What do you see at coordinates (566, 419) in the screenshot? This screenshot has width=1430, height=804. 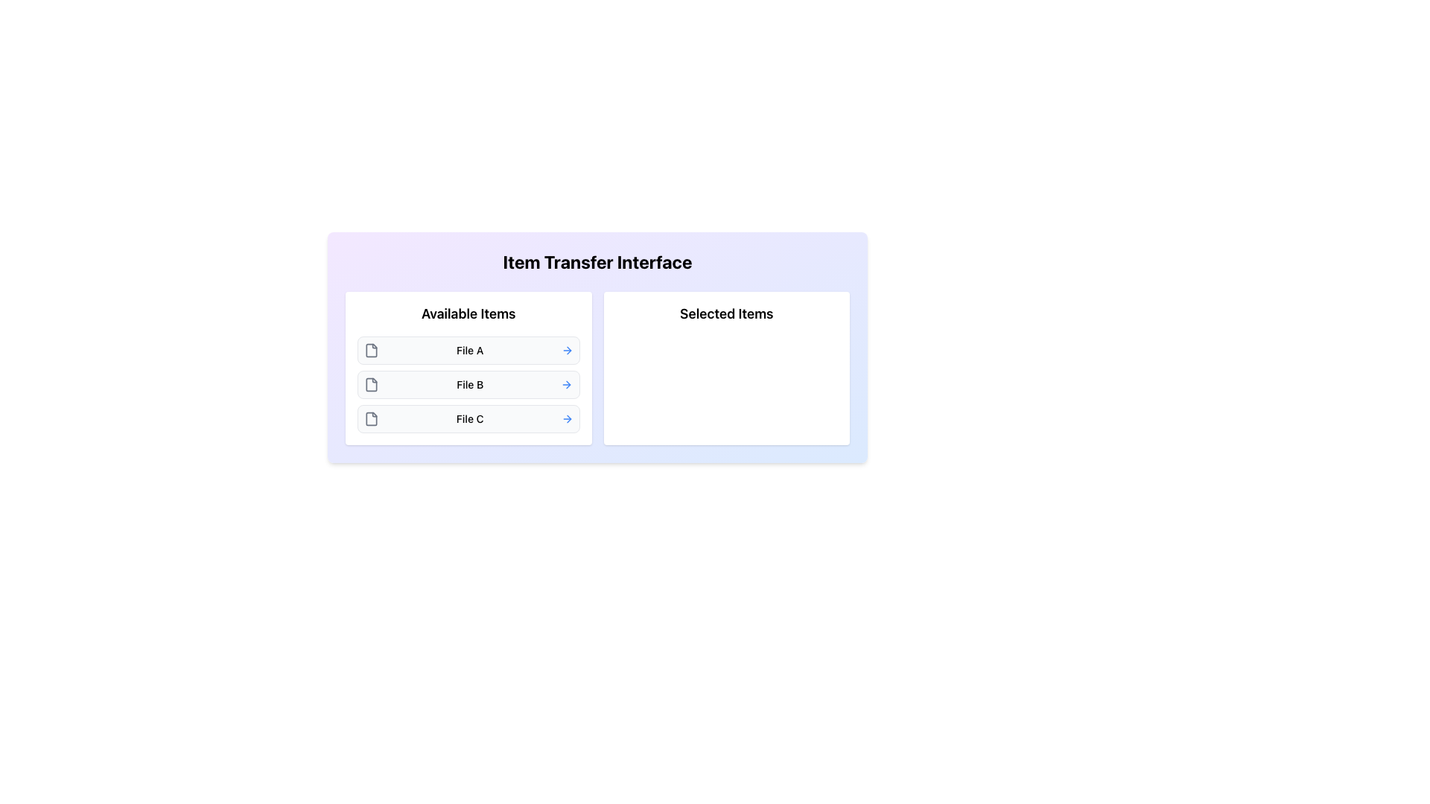 I see `the interactive icon resembling a forward arrow, which is styled in blue and located on the far right inside the box labeled 'File C' in the 'Available Items' list` at bounding box center [566, 419].